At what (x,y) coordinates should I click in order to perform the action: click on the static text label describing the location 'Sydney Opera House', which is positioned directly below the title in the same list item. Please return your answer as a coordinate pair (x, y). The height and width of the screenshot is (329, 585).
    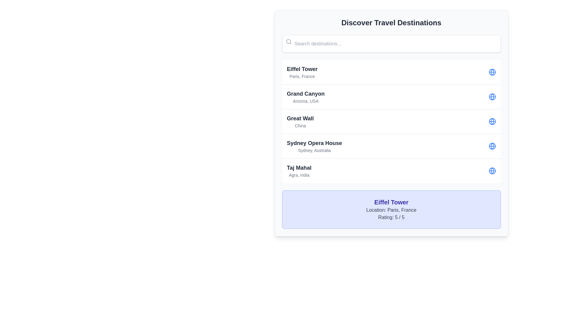
    Looking at the image, I should click on (314, 150).